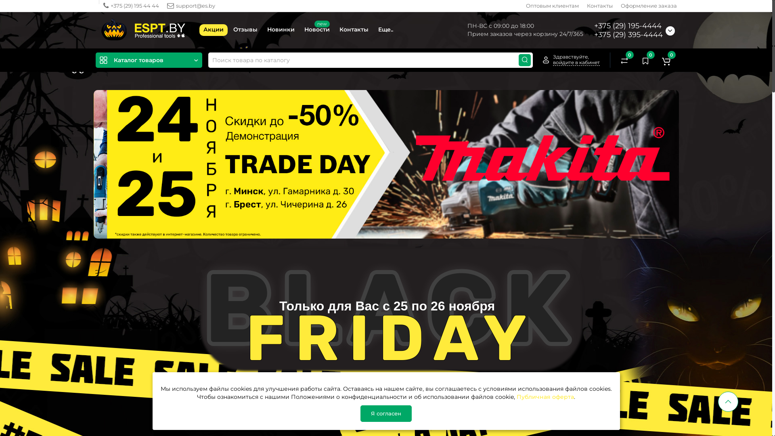 The height and width of the screenshot is (436, 775). I want to click on '+375 (29) 195-4444', so click(627, 25).